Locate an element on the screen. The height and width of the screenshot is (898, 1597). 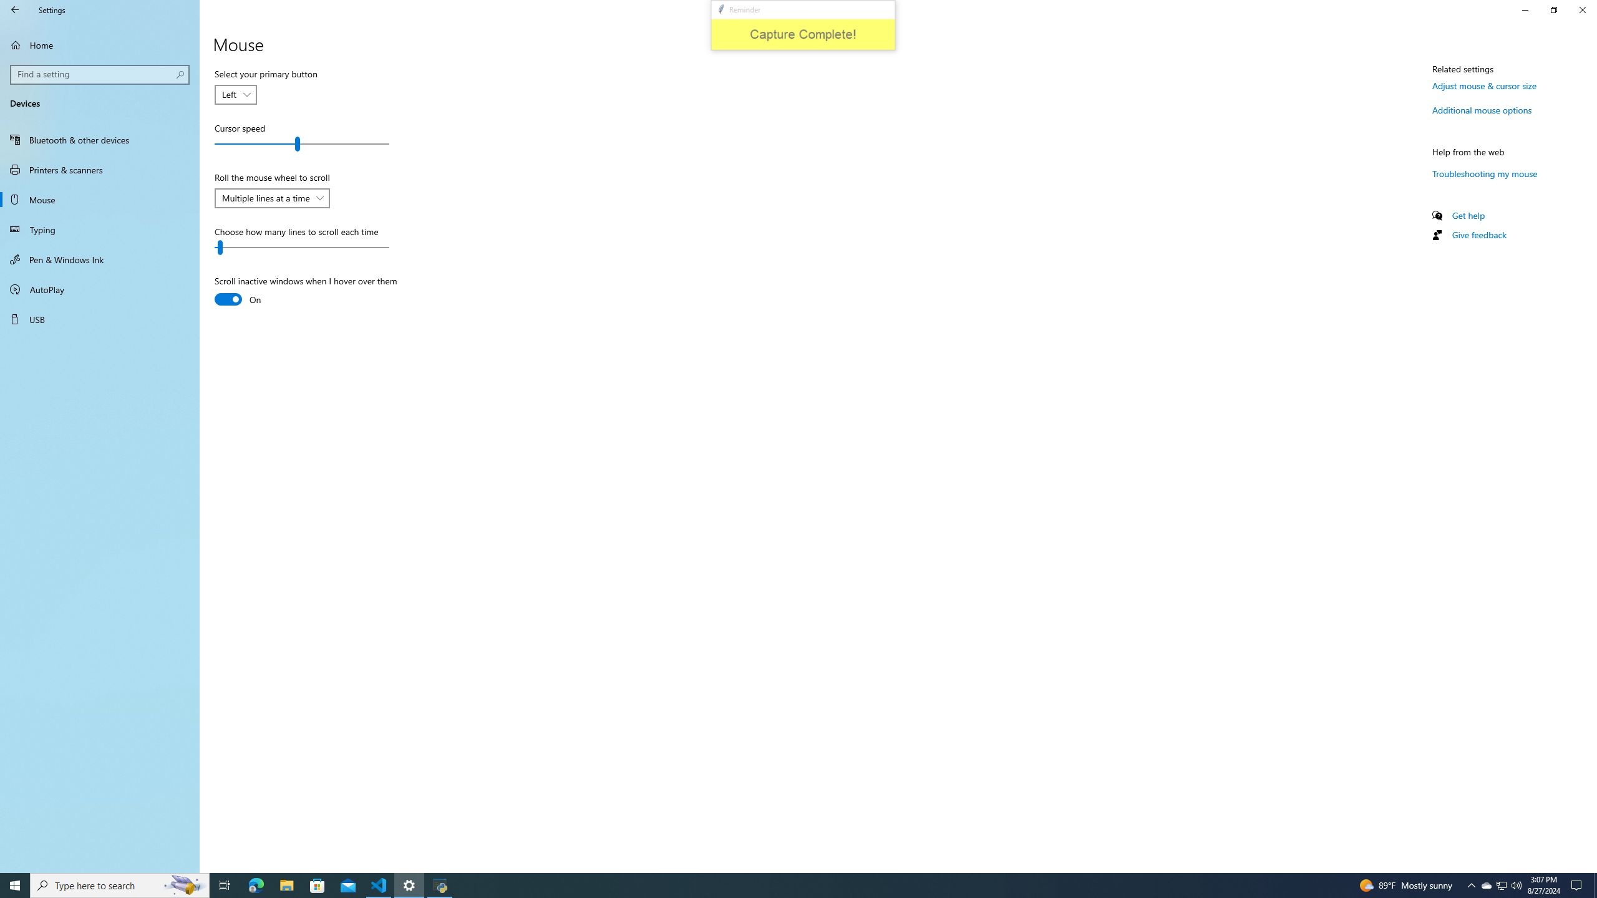
'Microsoft Store' is located at coordinates (318, 884).